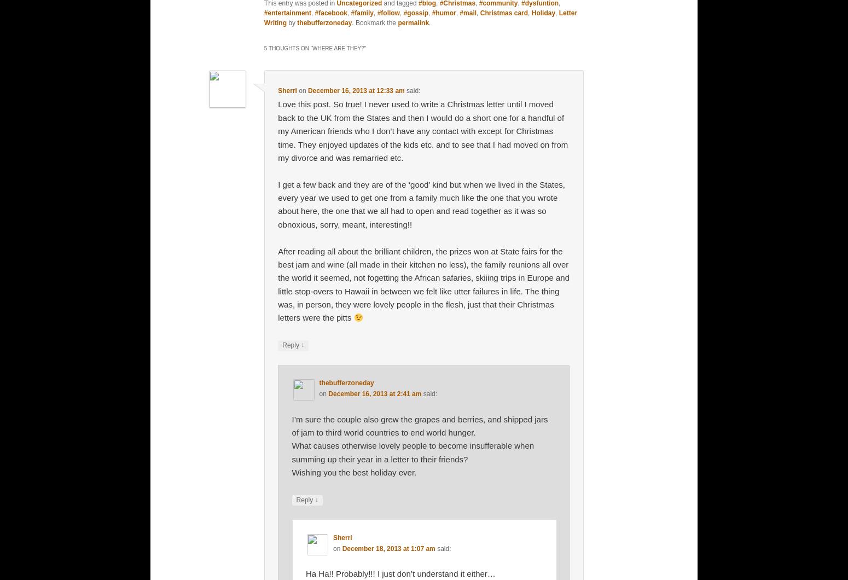 This screenshot has width=848, height=580. What do you see at coordinates (388, 13) in the screenshot?
I see `'#follow'` at bounding box center [388, 13].